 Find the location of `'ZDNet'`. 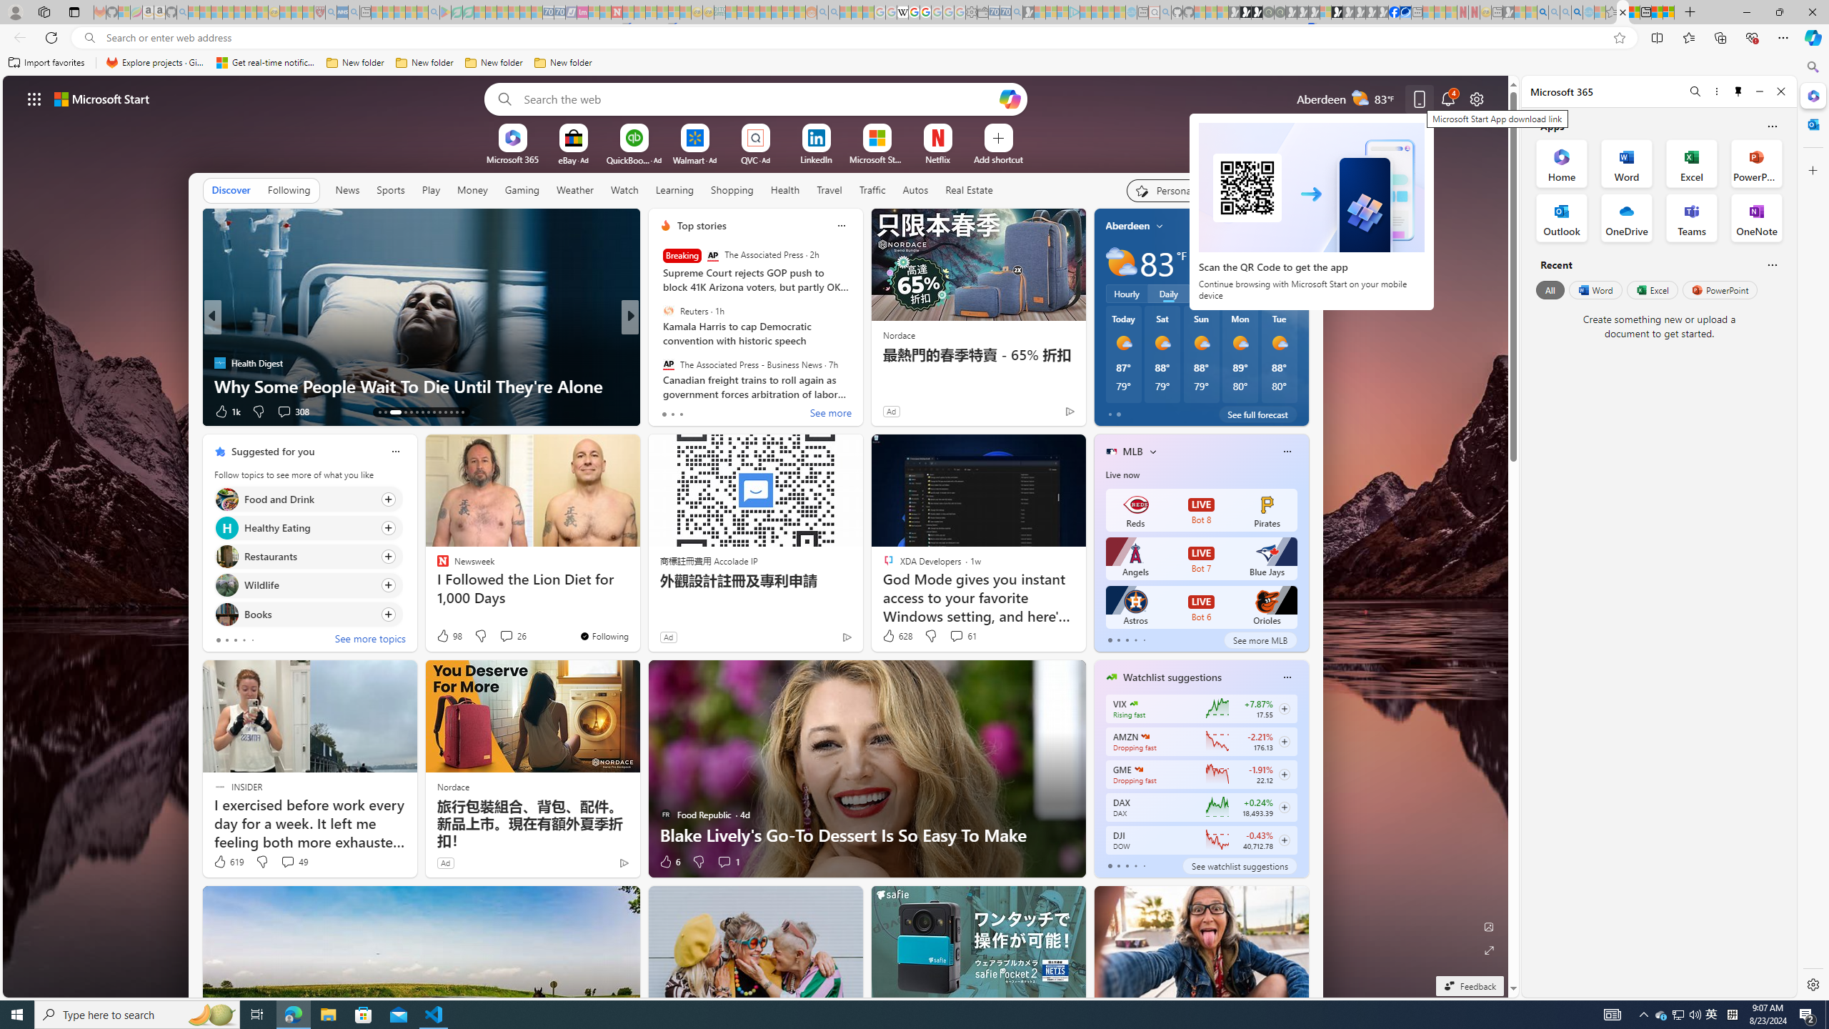

'ZDNet' is located at coordinates (658, 339).